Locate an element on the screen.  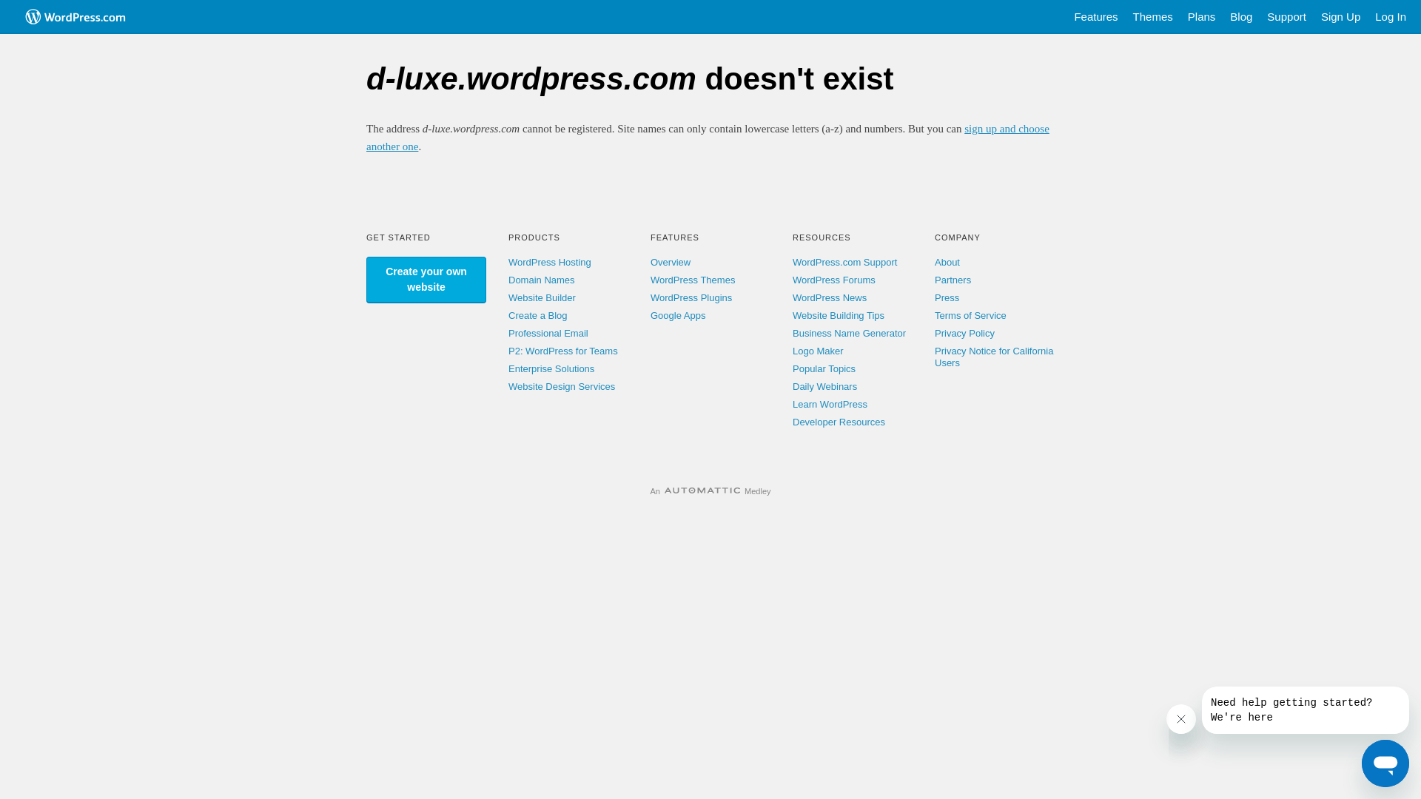
'Partners' is located at coordinates (953, 280).